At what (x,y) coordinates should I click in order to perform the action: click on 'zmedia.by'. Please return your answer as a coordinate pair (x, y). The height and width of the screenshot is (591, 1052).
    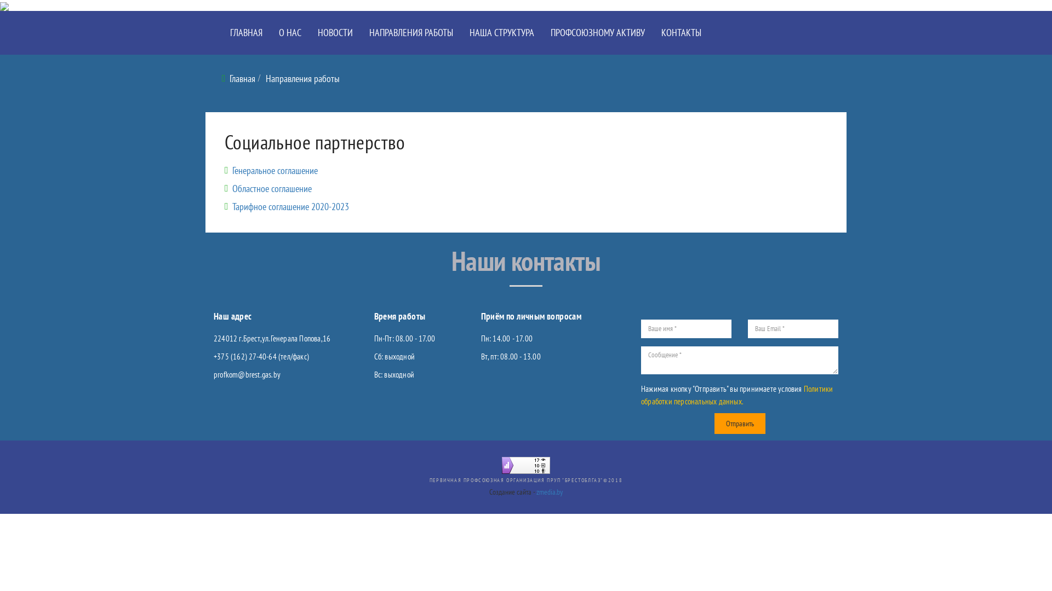
    Looking at the image, I should click on (550, 491).